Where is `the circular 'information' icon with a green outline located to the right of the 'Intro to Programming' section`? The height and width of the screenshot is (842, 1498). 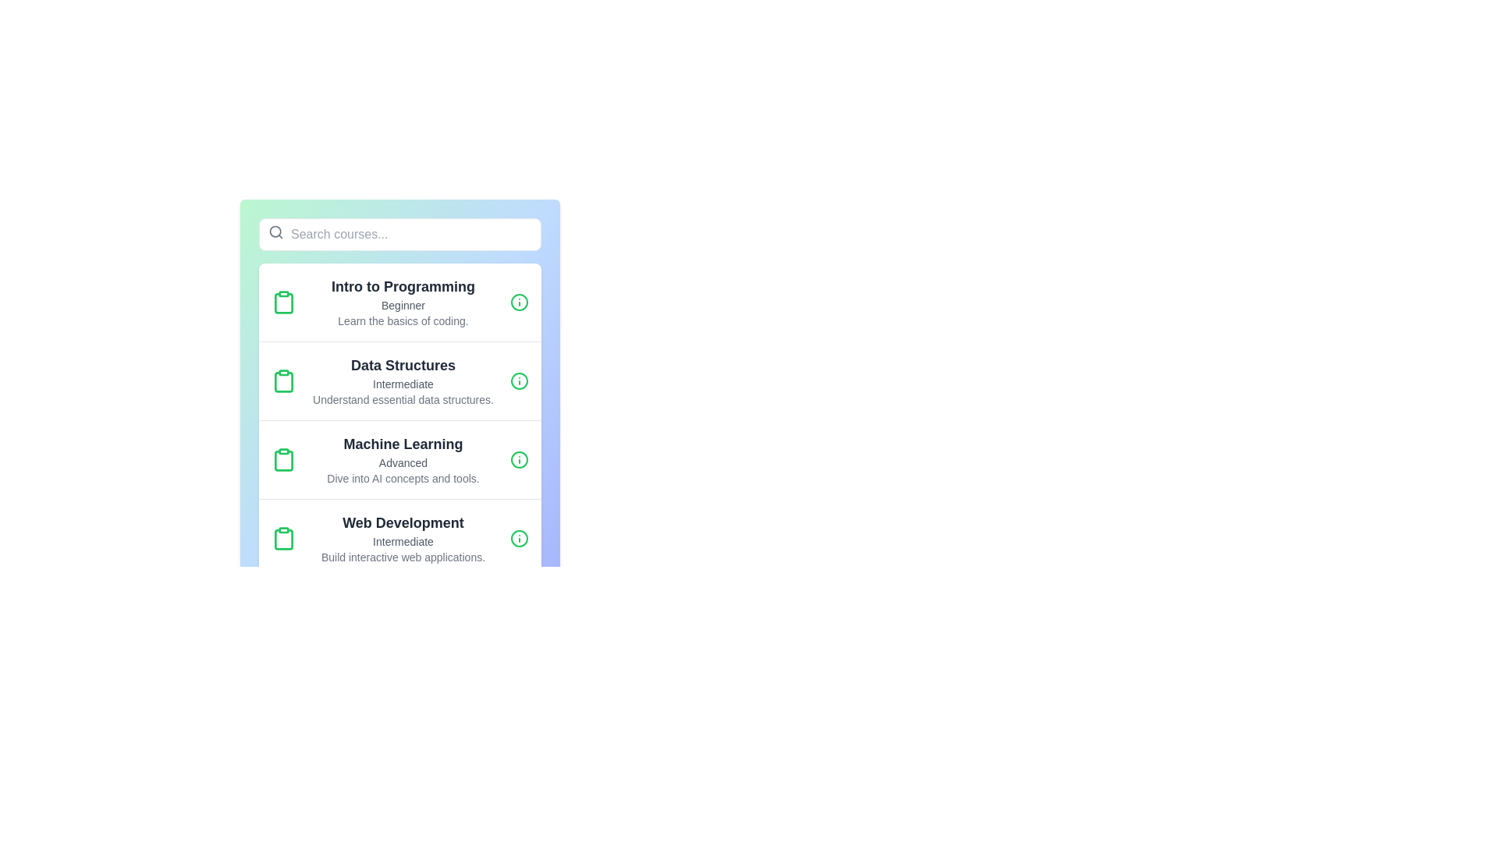
the circular 'information' icon with a green outline located to the right of the 'Intro to Programming' section is located at coordinates (520, 302).